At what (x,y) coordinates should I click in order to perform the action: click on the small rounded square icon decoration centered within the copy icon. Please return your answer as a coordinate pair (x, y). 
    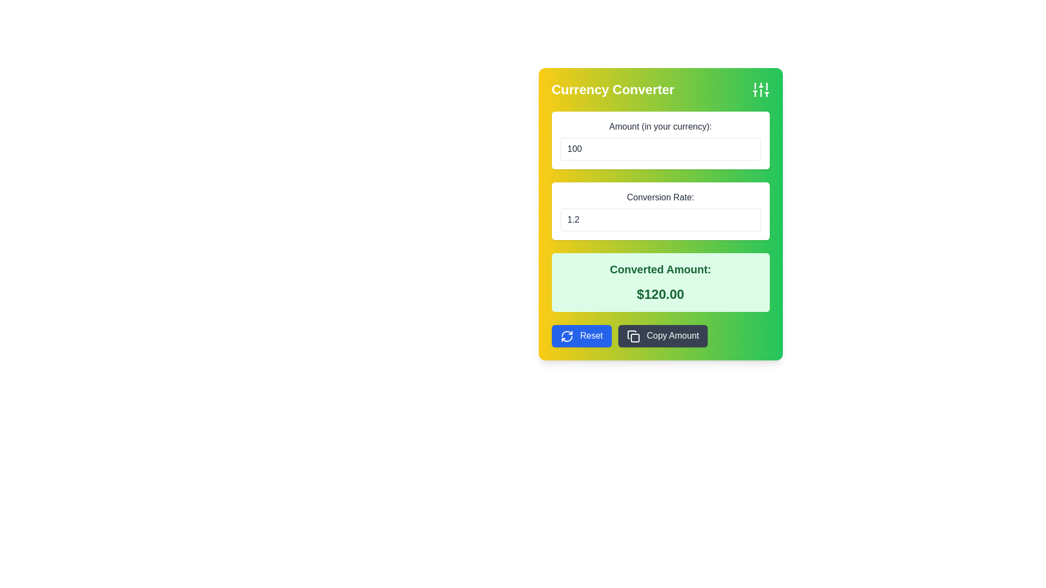
    Looking at the image, I should click on (635, 337).